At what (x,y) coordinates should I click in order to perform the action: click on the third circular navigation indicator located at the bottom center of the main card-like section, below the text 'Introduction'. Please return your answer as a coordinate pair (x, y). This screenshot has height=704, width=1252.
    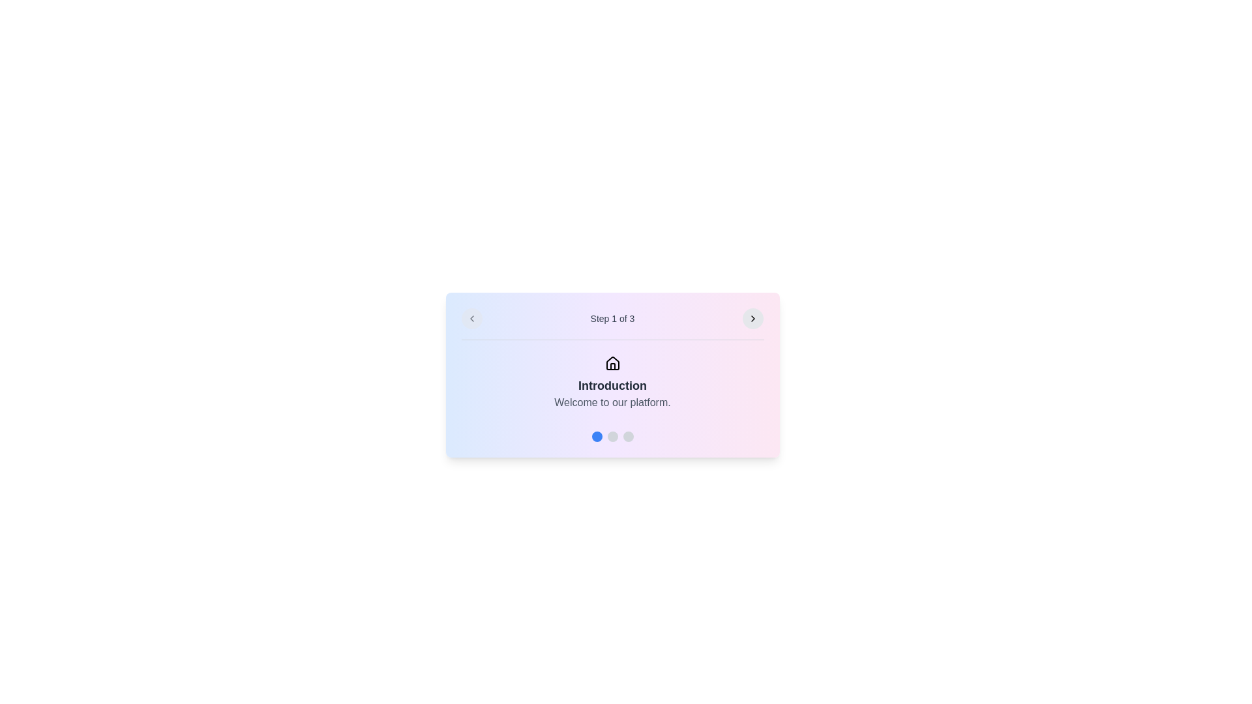
    Looking at the image, I should click on (628, 437).